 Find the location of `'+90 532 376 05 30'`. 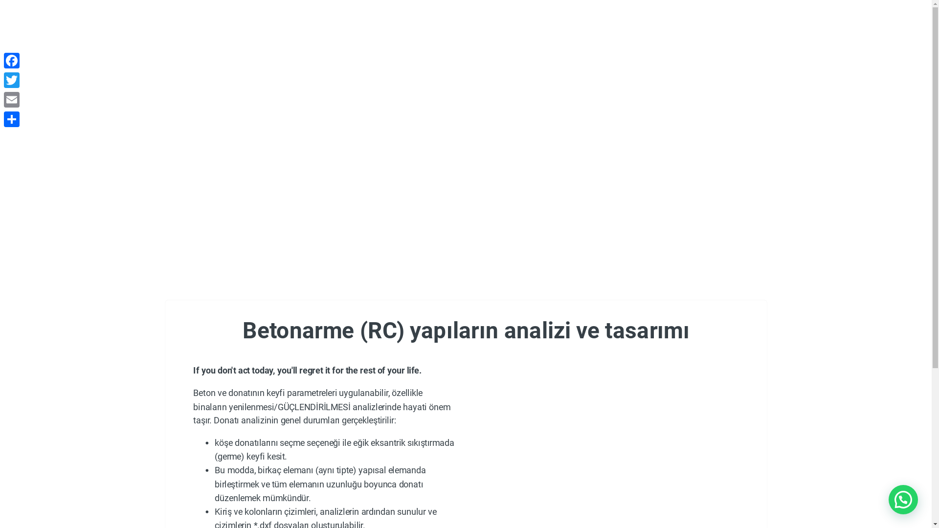

'+90 532 376 05 30' is located at coordinates (246, 10).